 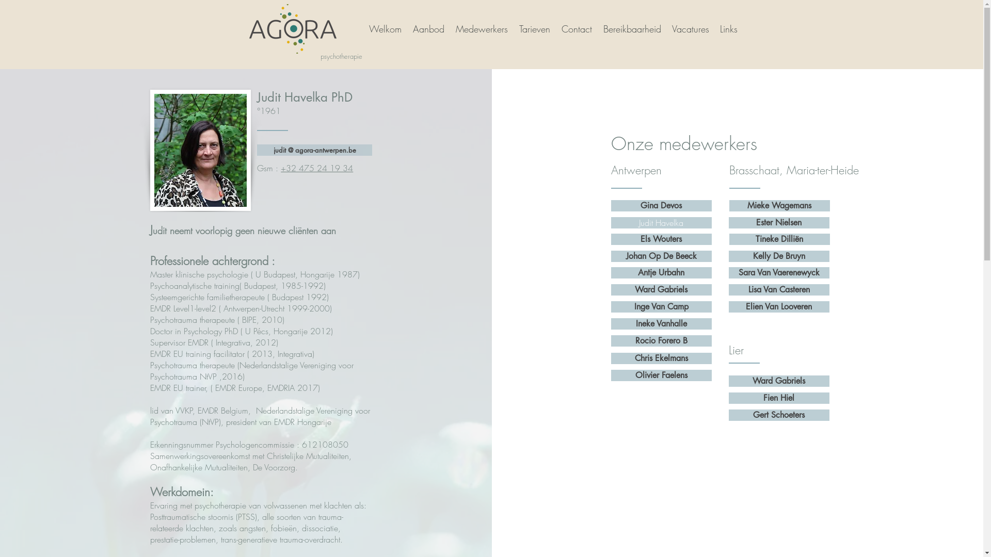 I want to click on 'Sara Van Vaerenewyck', so click(x=779, y=272).